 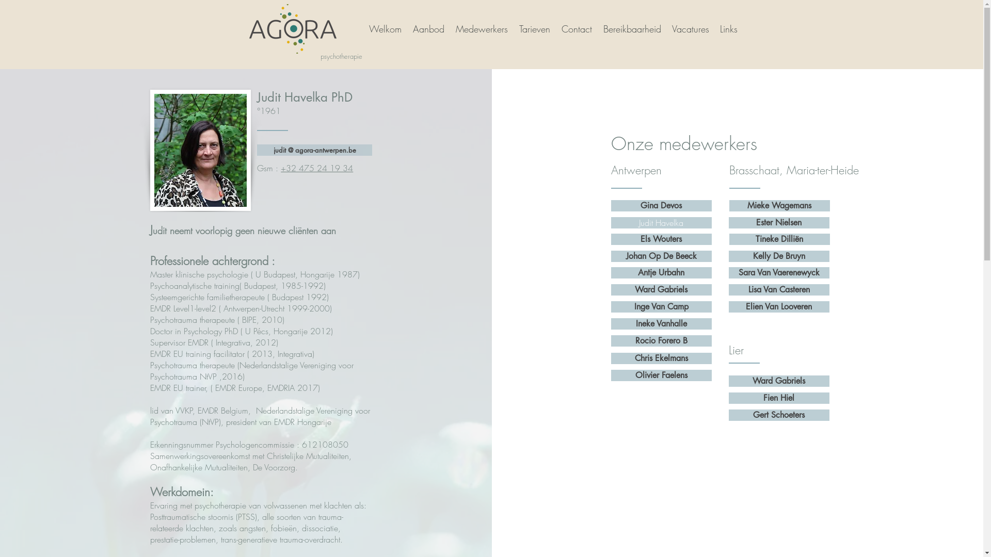 I want to click on 'Sara Van Vaerenewyck', so click(x=779, y=272).